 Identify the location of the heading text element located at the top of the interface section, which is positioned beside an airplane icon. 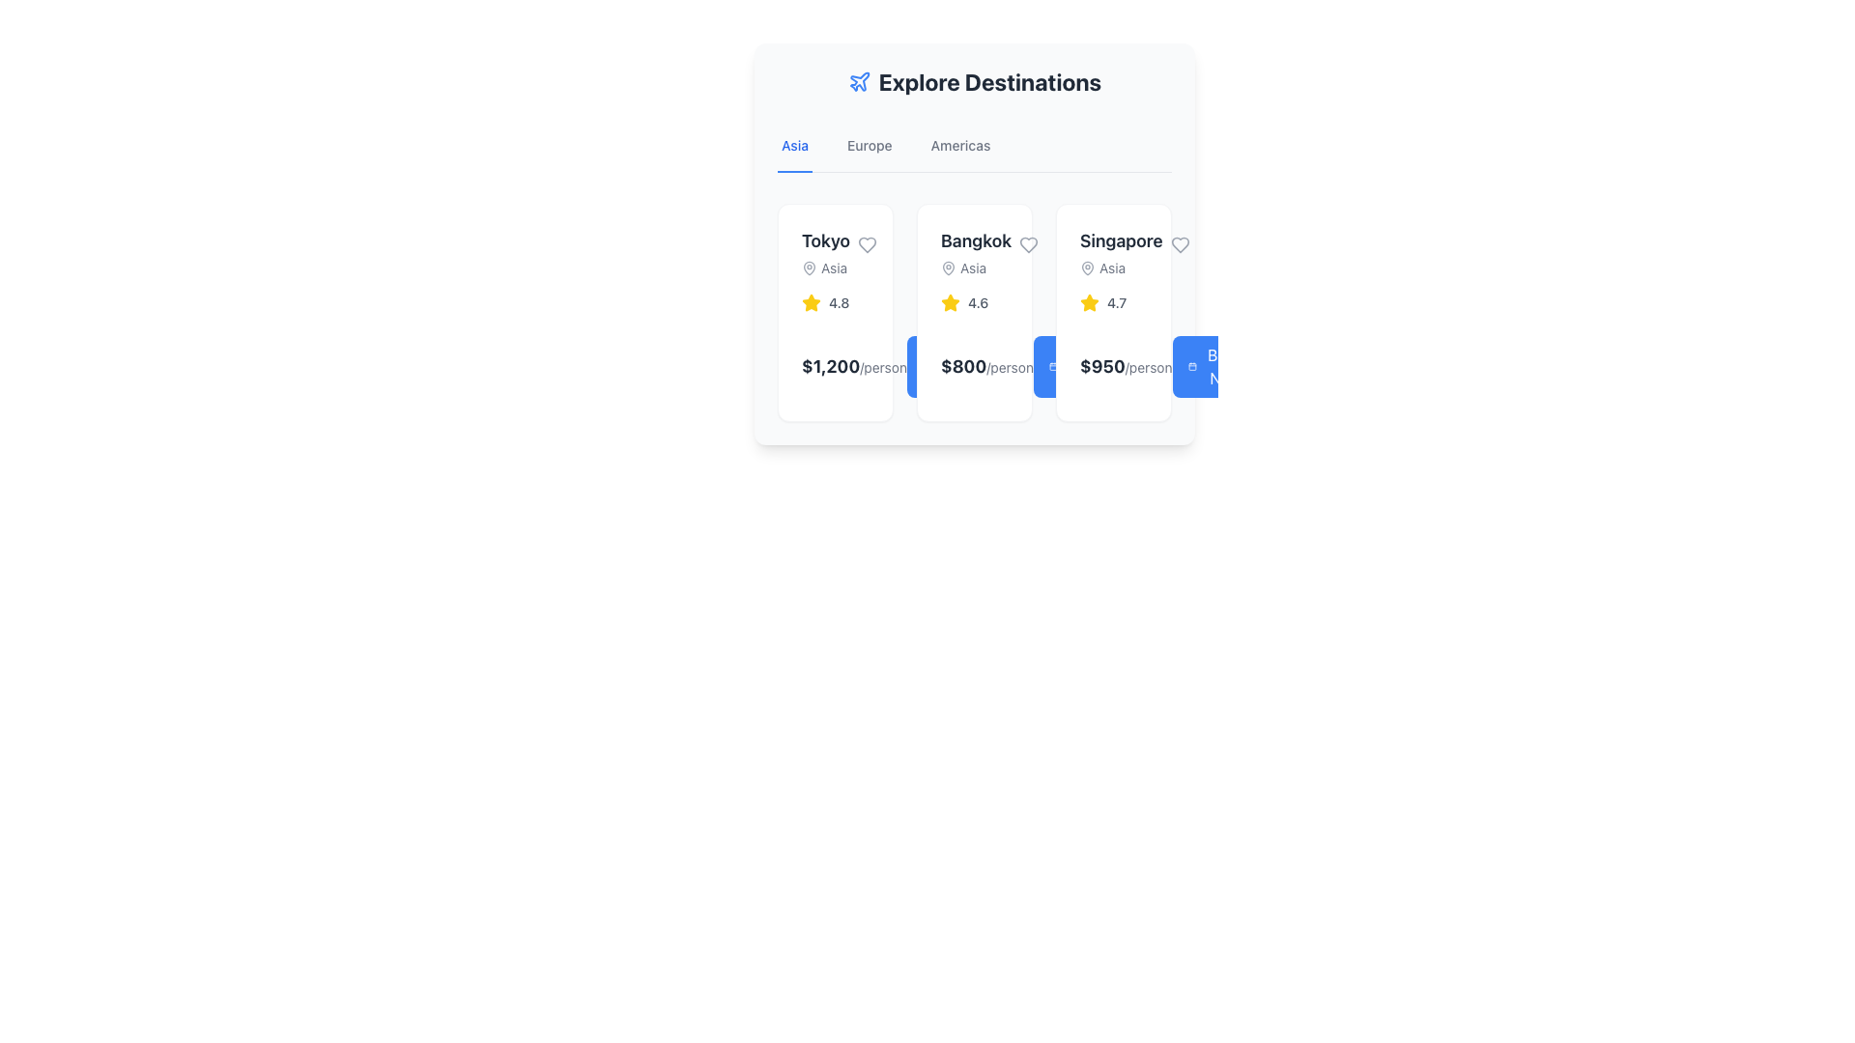
(989, 80).